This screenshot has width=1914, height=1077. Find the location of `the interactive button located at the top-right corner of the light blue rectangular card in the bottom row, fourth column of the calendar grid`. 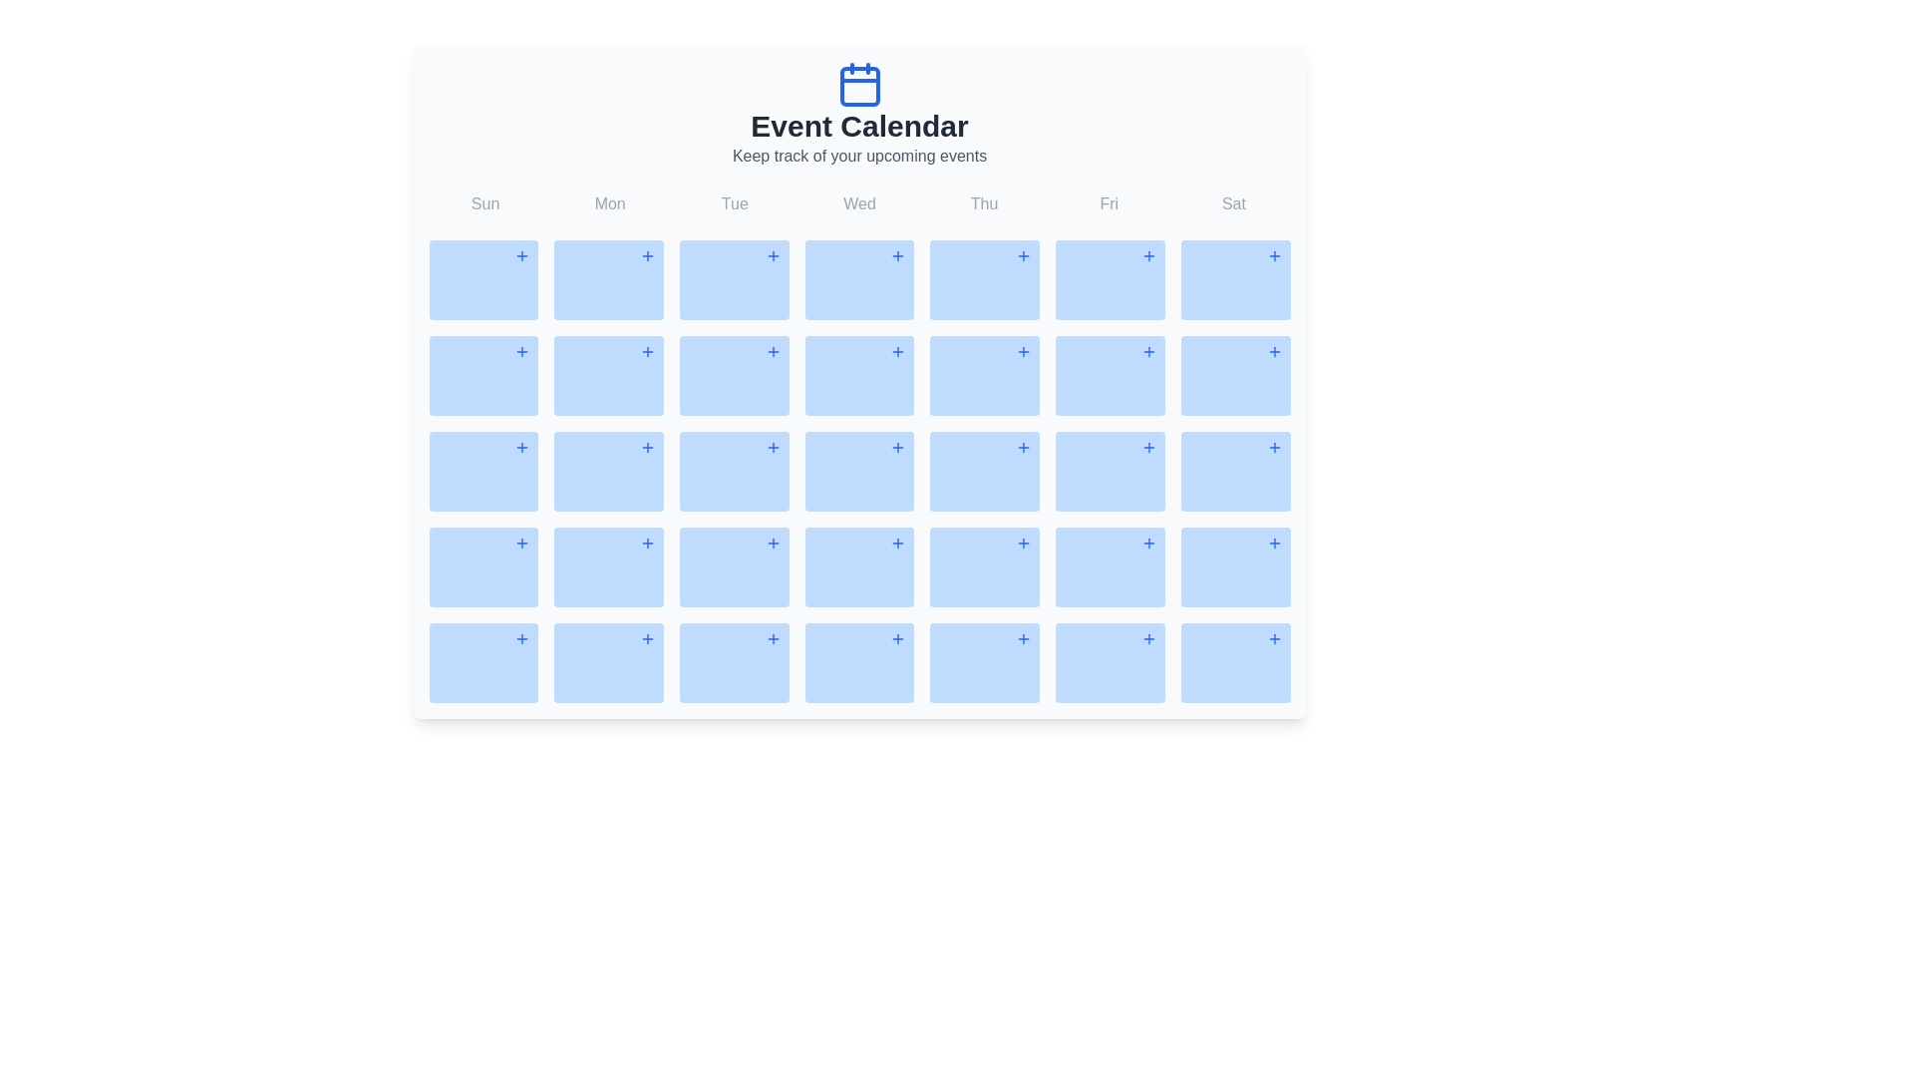

the interactive button located at the top-right corner of the light blue rectangular card in the bottom row, fourth column of the calendar grid is located at coordinates (772, 638).